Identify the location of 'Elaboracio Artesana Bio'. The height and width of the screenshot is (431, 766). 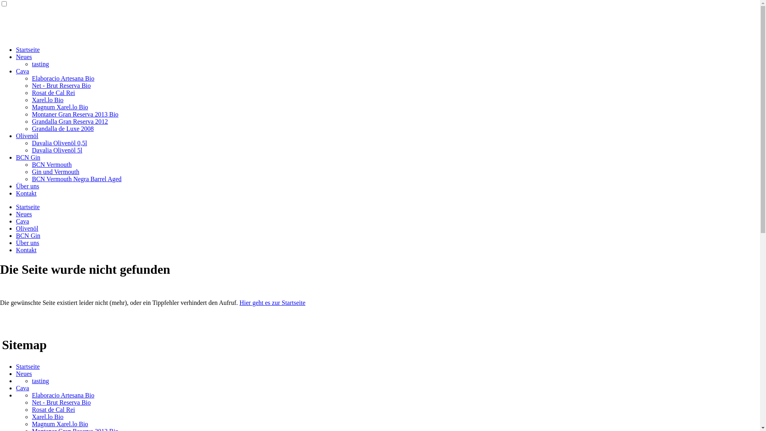
(32, 78).